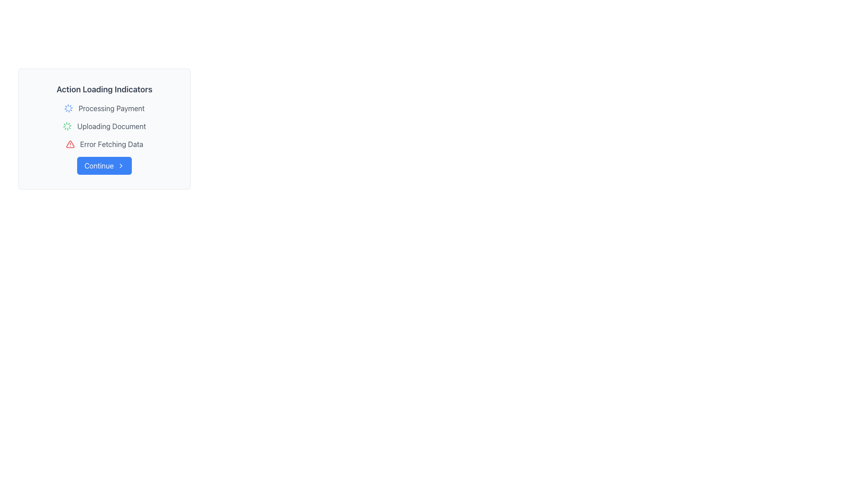  Describe the element at coordinates (120, 166) in the screenshot. I see `the rightward arrow icon that is immediately after the 'Continue' text within the blue button` at that location.